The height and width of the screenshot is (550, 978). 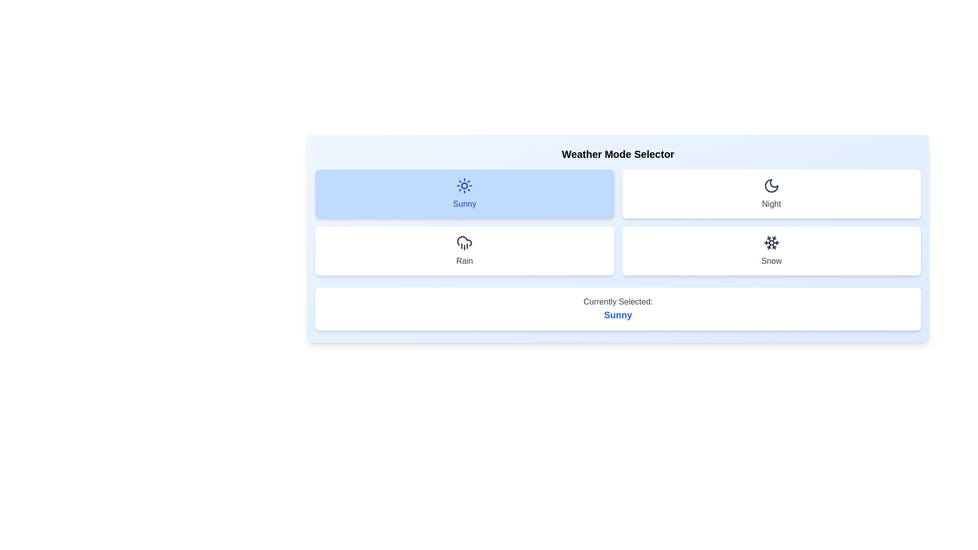 What do you see at coordinates (464, 194) in the screenshot?
I see `the weather option Sunny` at bounding box center [464, 194].